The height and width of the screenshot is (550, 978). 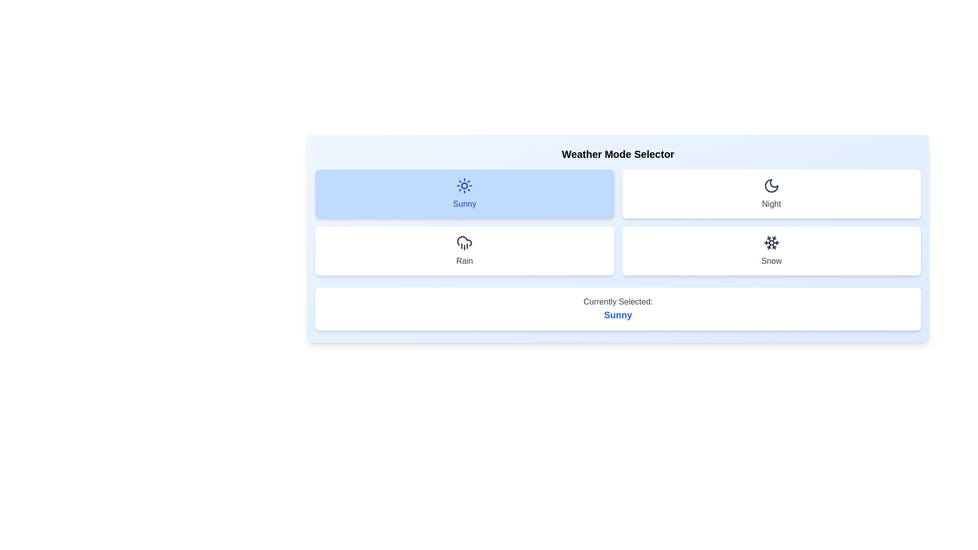 What do you see at coordinates (464, 194) in the screenshot?
I see `the weather option Sunny` at bounding box center [464, 194].